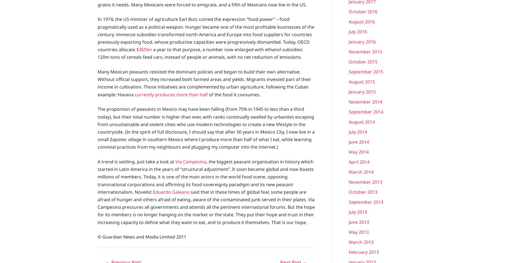 The image size is (530, 263). What do you see at coordinates (363, 61) in the screenshot?
I see `'October 2015'` at bounding box center [363, 61].